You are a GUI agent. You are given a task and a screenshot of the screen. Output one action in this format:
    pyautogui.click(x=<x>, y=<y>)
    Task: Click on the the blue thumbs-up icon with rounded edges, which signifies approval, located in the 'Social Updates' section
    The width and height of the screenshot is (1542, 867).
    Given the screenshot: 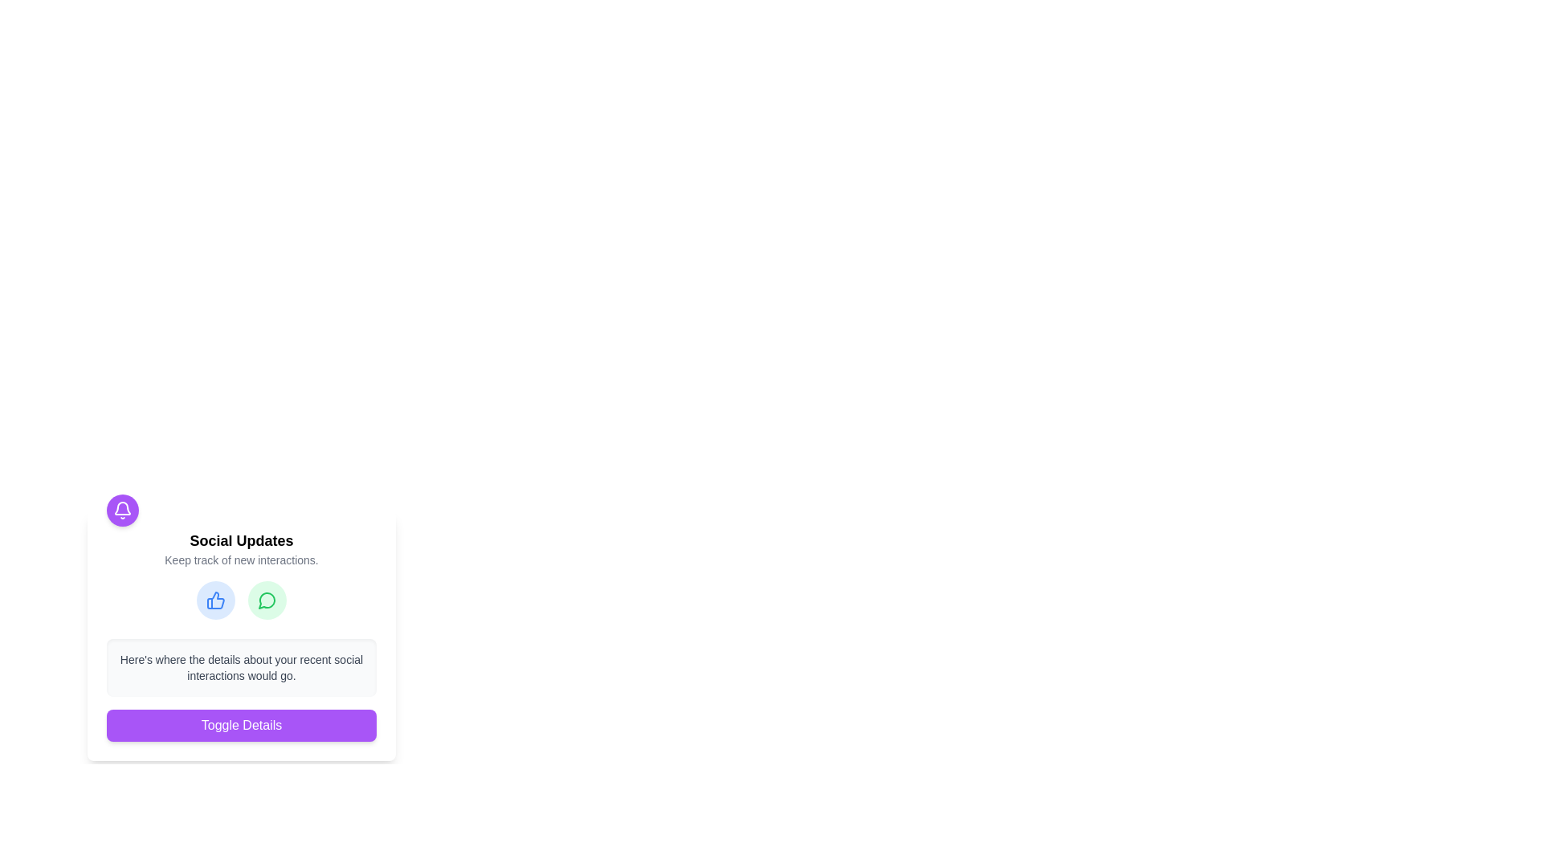 What is the action you would take?
    pyautogui.click(x=214, y=600)
    